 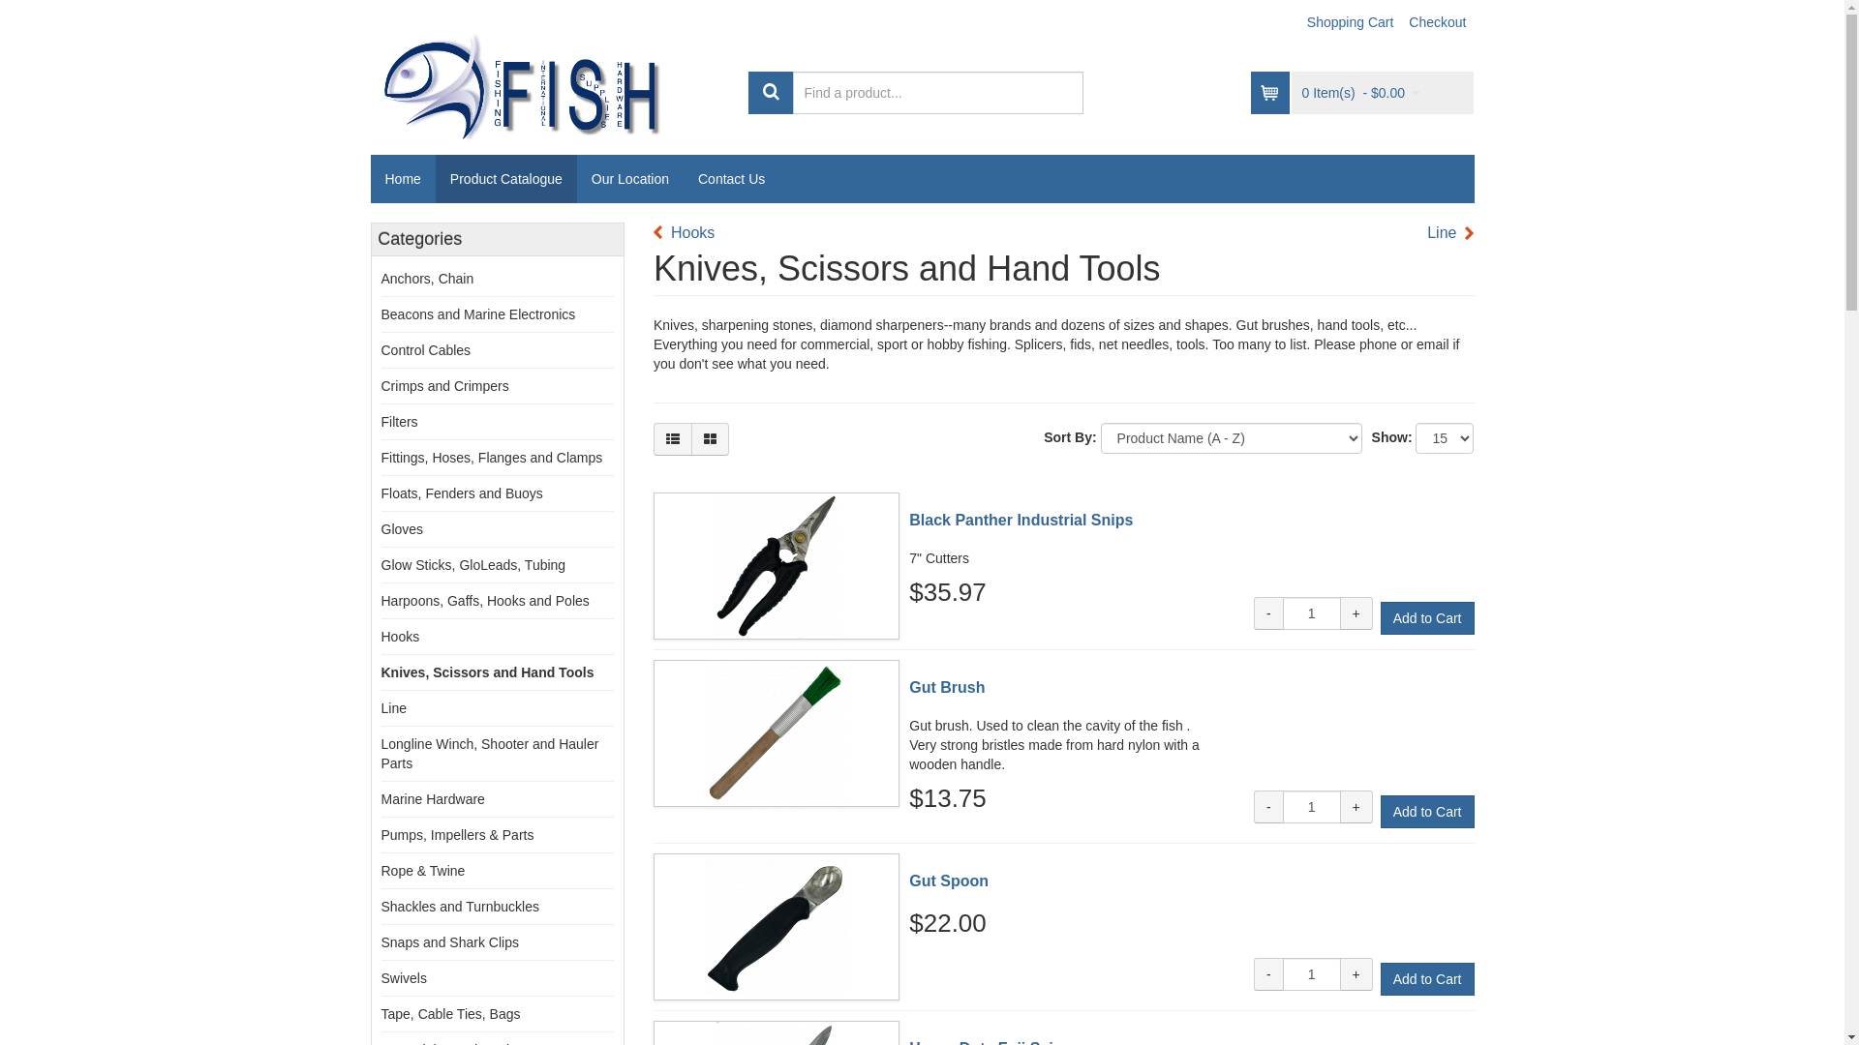 What do you see at coordinates (506, 179) in the screenshot?
I see `'Product Catalogue'` at bounding box center [506, 179].